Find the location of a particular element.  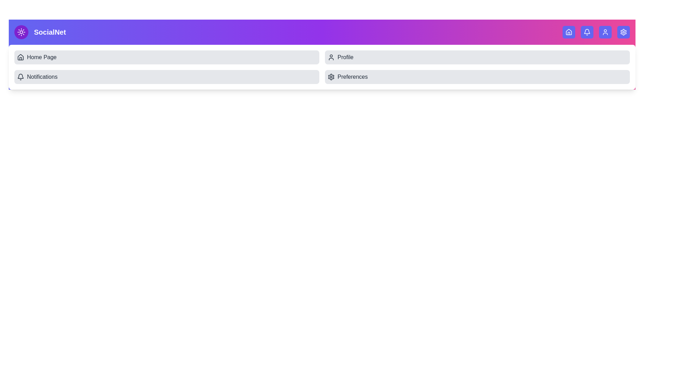

the menu item Home Page from the available options is located at coordinates (166, 57).